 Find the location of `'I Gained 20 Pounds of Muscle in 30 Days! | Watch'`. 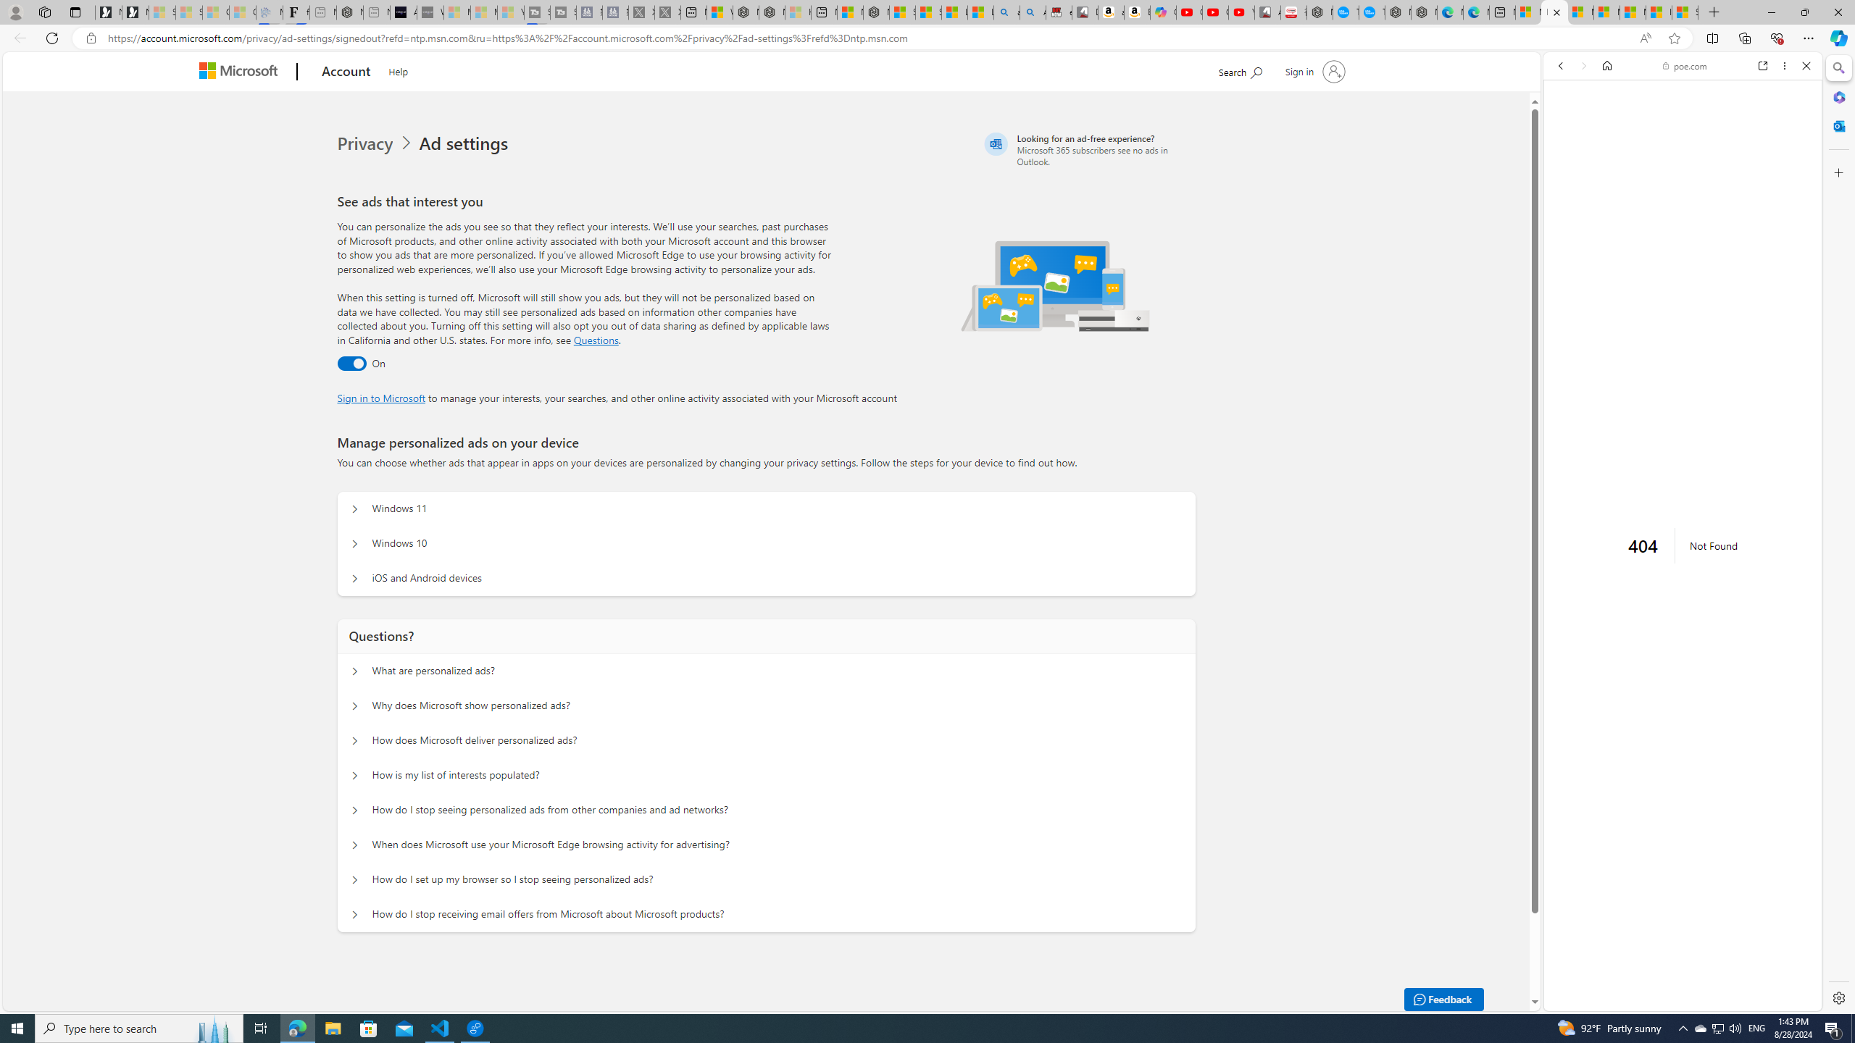

'I Gained 20 Pounds of Muscle in 30 Days! | Watch' is located at coordinates (1658, 12).